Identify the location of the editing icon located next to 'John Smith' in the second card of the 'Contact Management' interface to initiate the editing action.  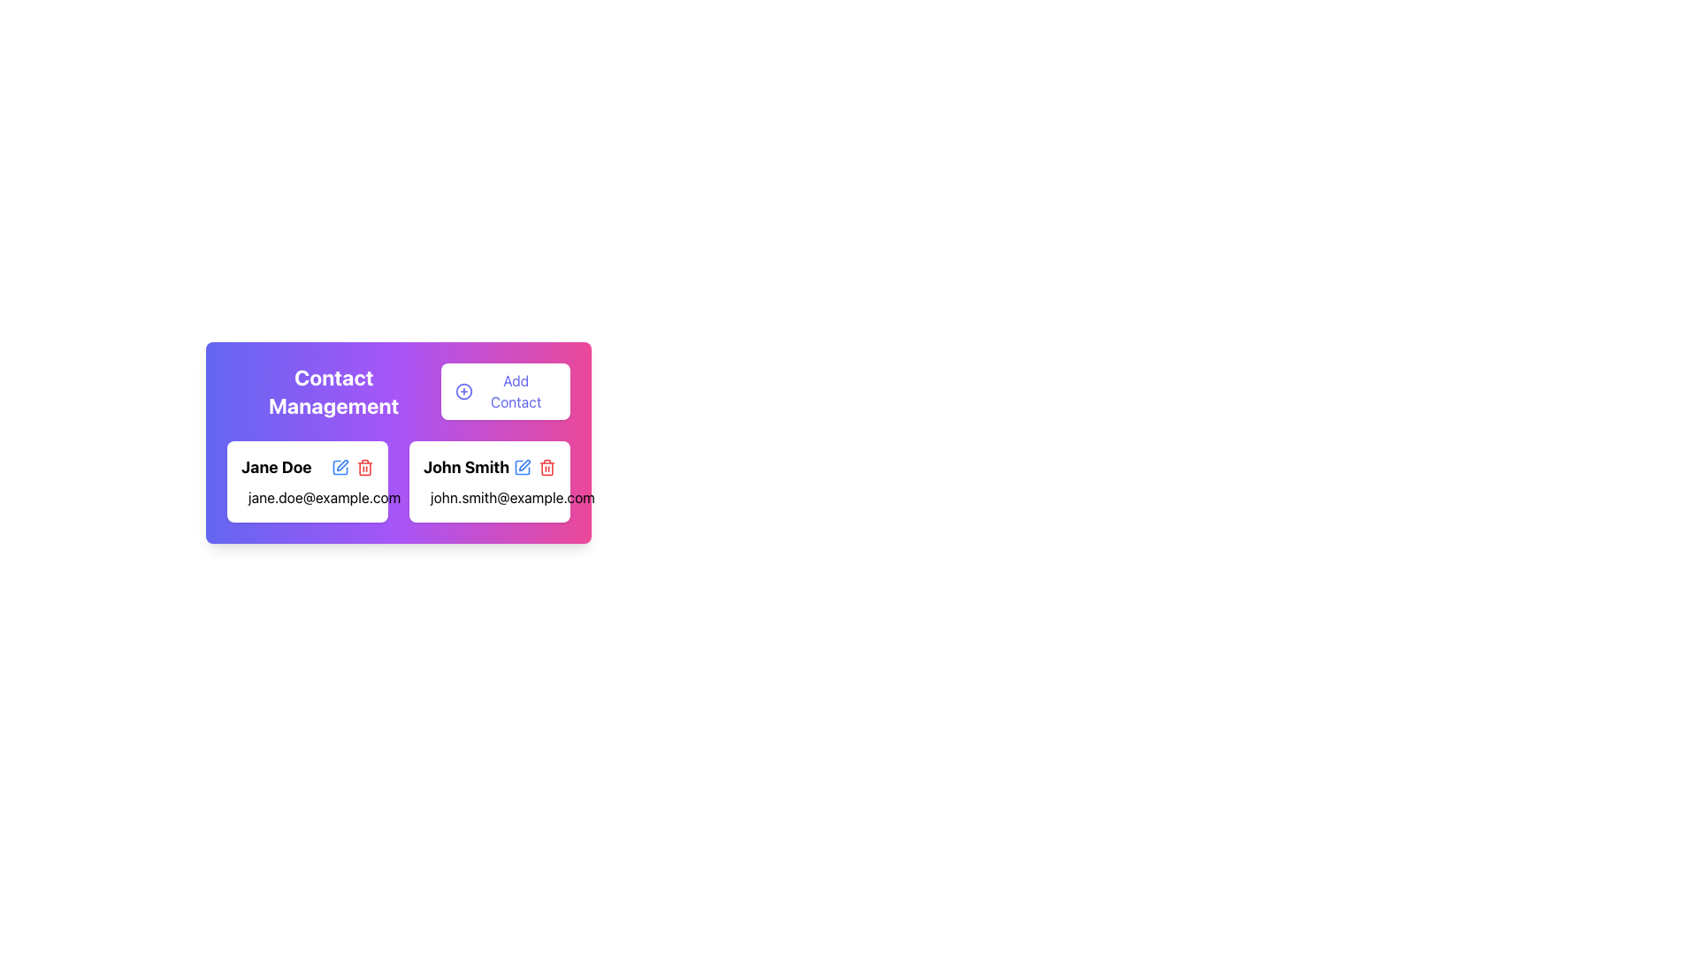
(524, 464).